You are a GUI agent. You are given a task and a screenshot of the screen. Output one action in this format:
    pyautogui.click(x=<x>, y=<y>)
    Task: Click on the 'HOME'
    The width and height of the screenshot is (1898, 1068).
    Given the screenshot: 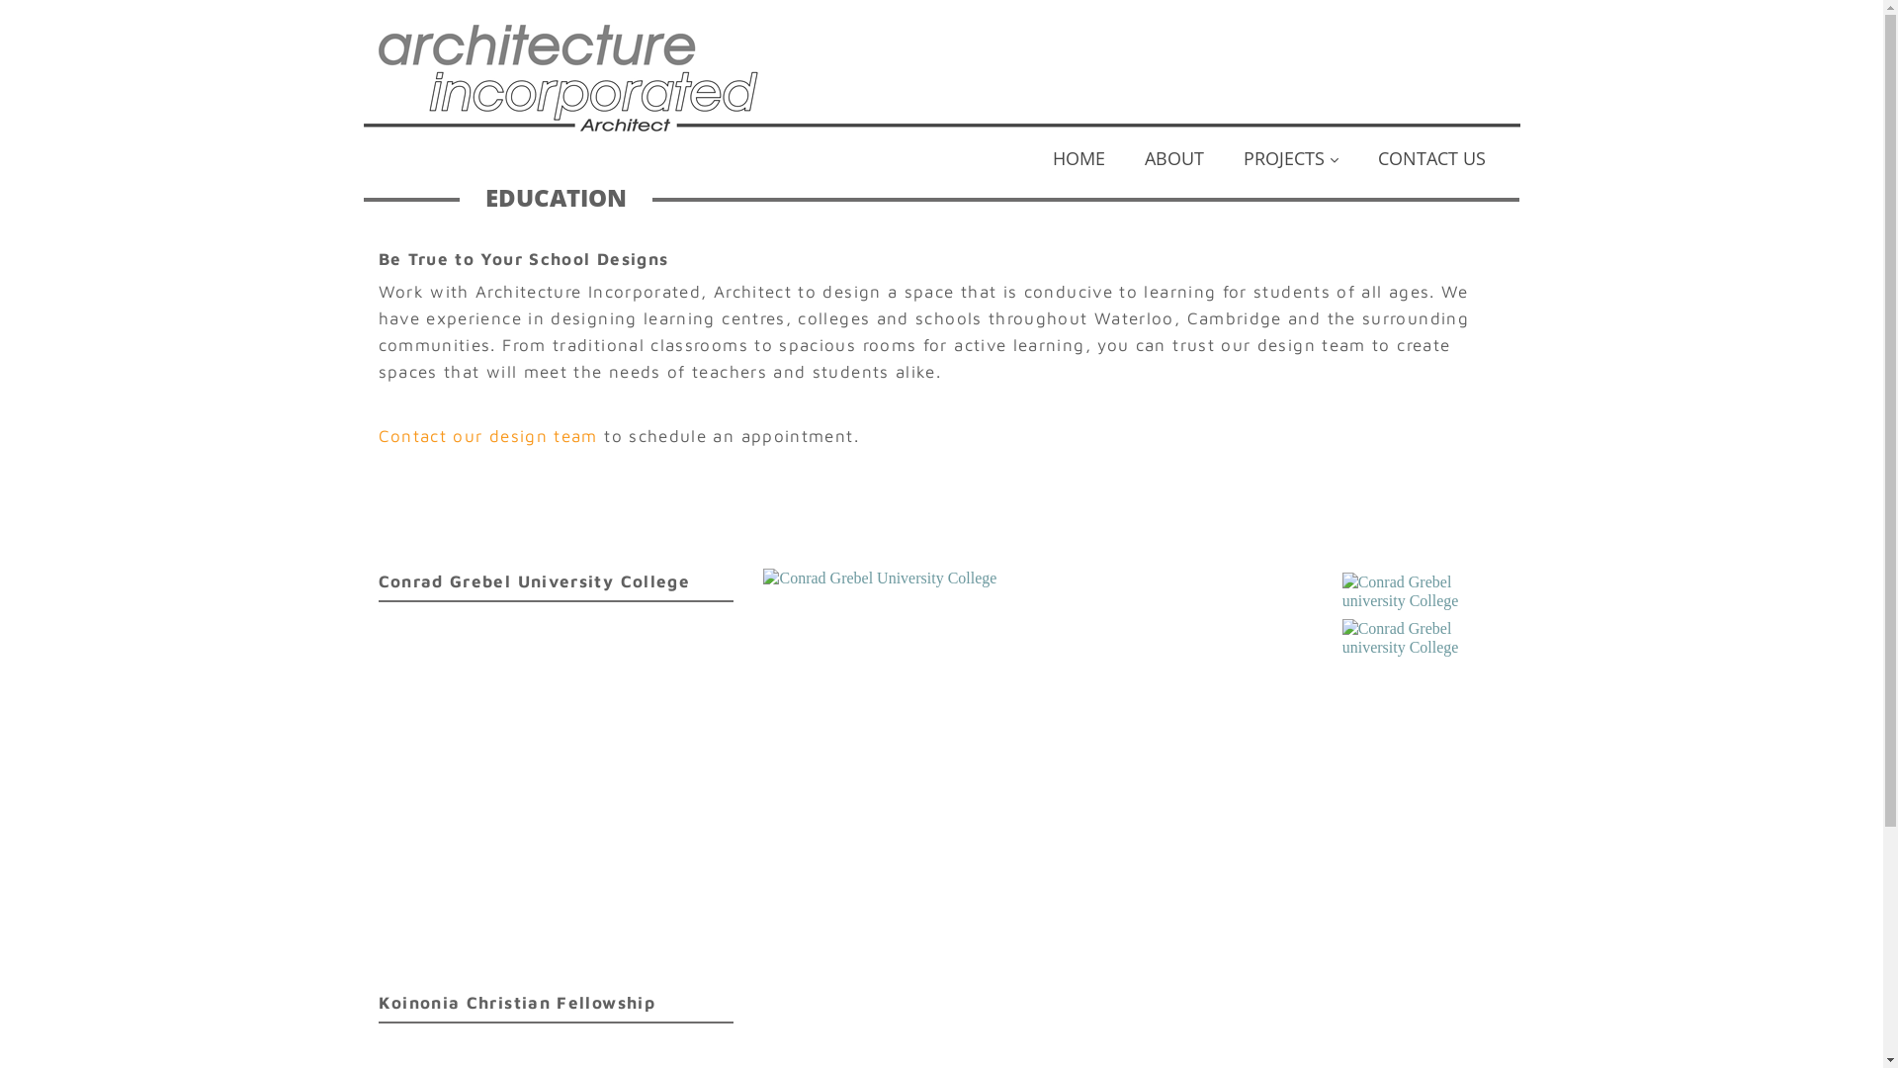 What is the action you would take?
    pyautogui.click(x=1030, y=162)
    